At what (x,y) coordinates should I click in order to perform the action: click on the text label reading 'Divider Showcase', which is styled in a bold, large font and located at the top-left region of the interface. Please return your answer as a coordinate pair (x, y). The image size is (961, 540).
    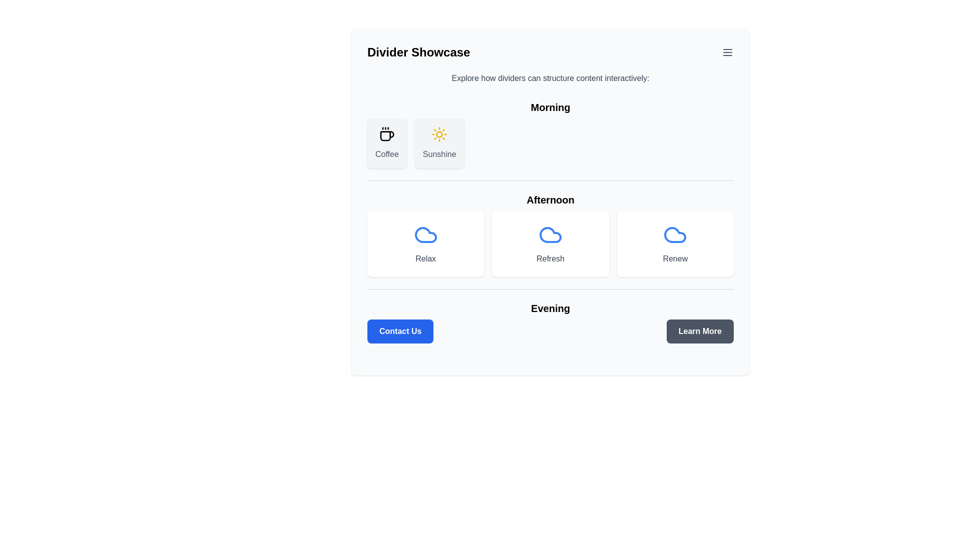
    Looking at the image, I should click on (418, 52).